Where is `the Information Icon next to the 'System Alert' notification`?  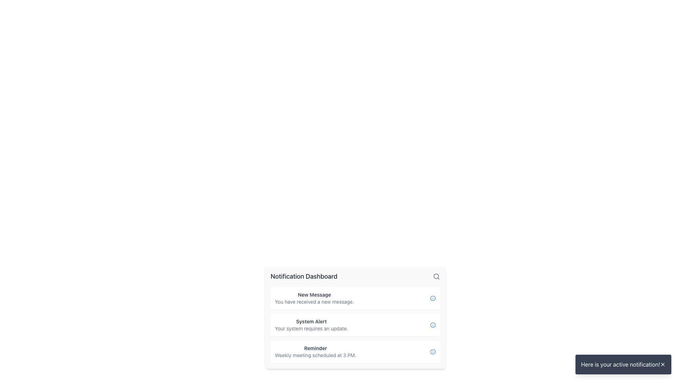
the Information Icon next to the 'System Alert' notification is located at coordinates (432, 325).